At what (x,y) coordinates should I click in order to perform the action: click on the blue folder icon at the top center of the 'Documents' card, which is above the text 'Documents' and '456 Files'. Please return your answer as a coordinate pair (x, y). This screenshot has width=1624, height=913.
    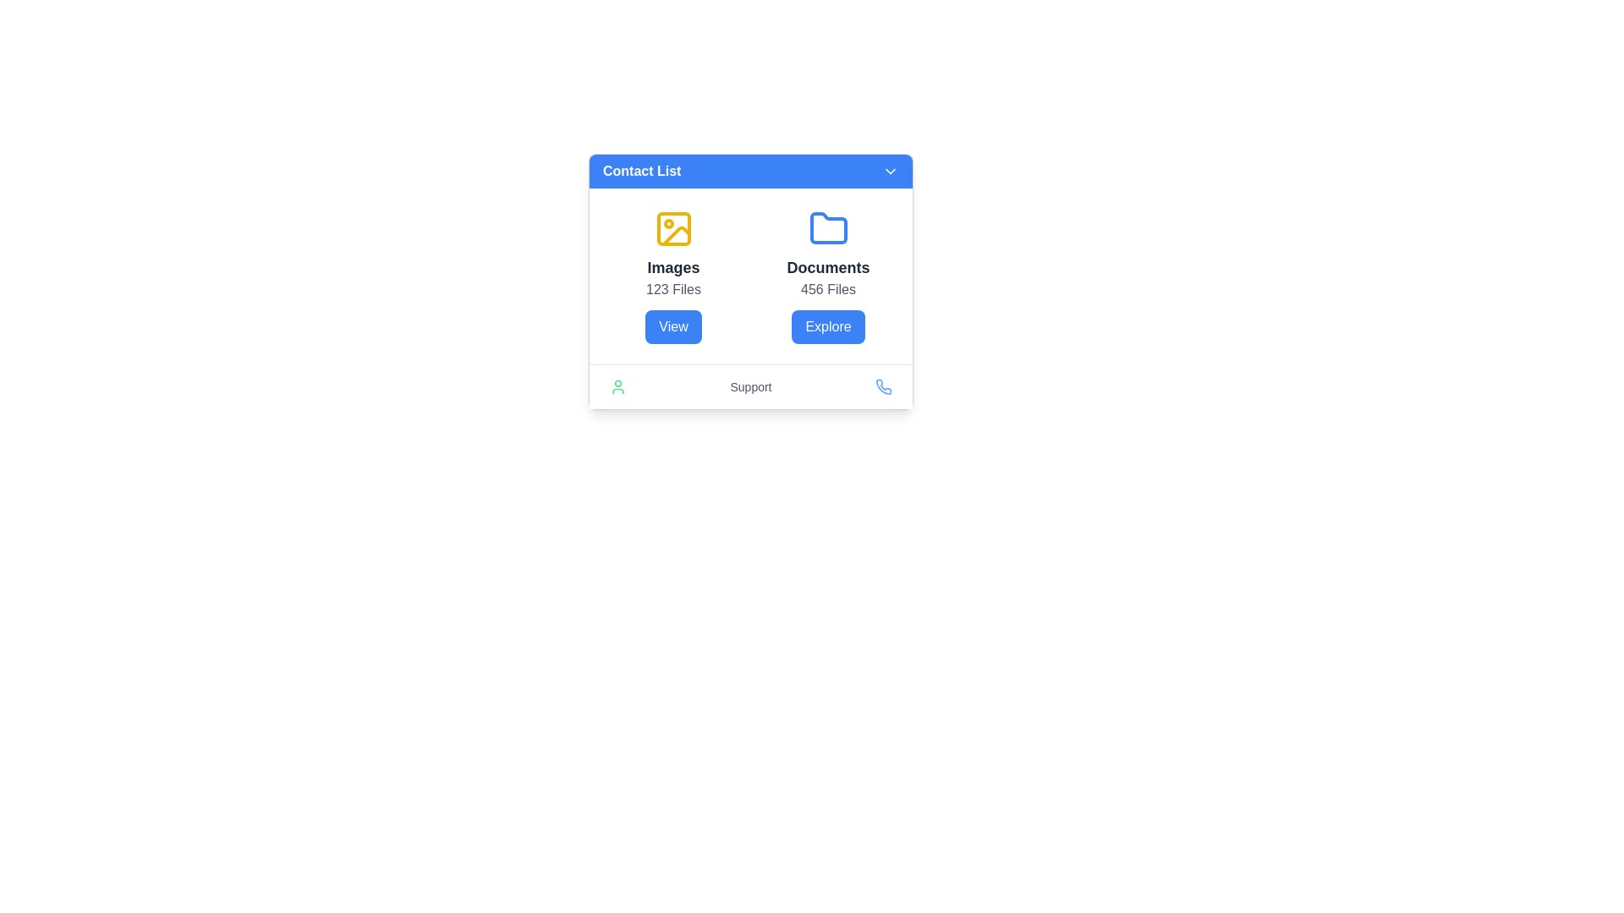
    Looking at the image, I should click on (828, 228).